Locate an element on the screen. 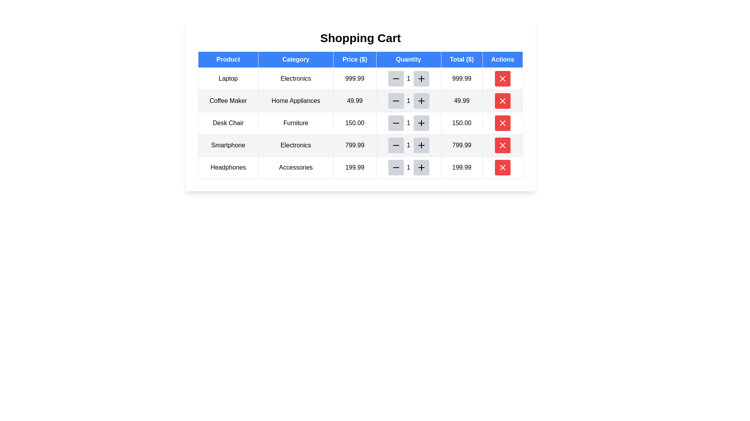 The width and height of the screenshot is (750, 421). the text label displaying the word 'Furniture' in the third row of the shopping cart table under the 'Category' column, adjacent to the 'Desk Chair' label and the price value '150.00' is located at coordinates (295, 123).